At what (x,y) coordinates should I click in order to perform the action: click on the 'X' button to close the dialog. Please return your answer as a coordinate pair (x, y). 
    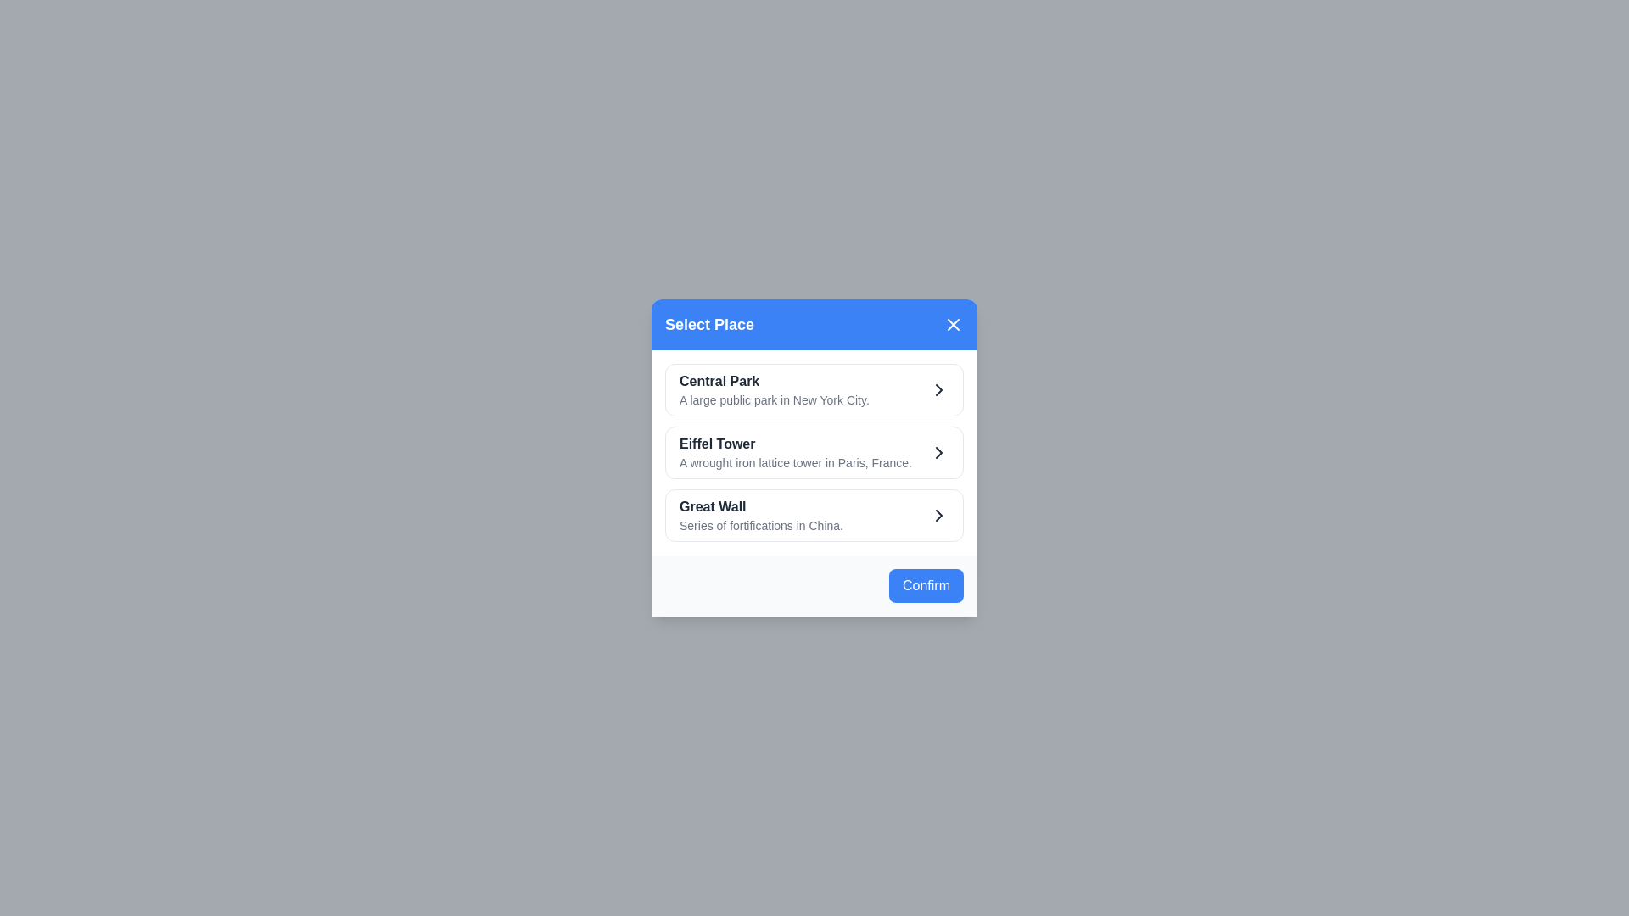
    Looking at the image, I should click on (953, 324).